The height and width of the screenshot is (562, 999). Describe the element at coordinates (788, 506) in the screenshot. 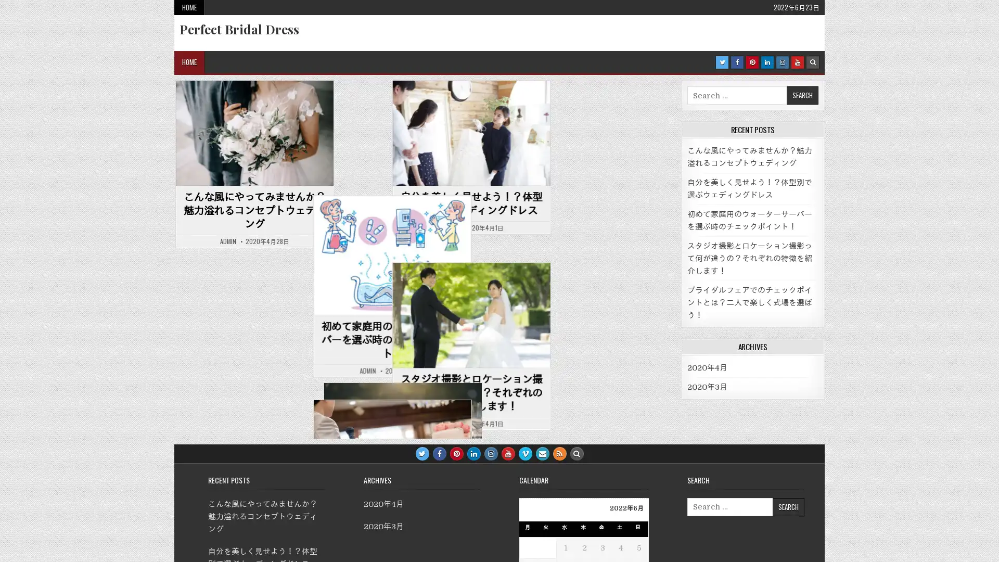

I see `Search` at that location.